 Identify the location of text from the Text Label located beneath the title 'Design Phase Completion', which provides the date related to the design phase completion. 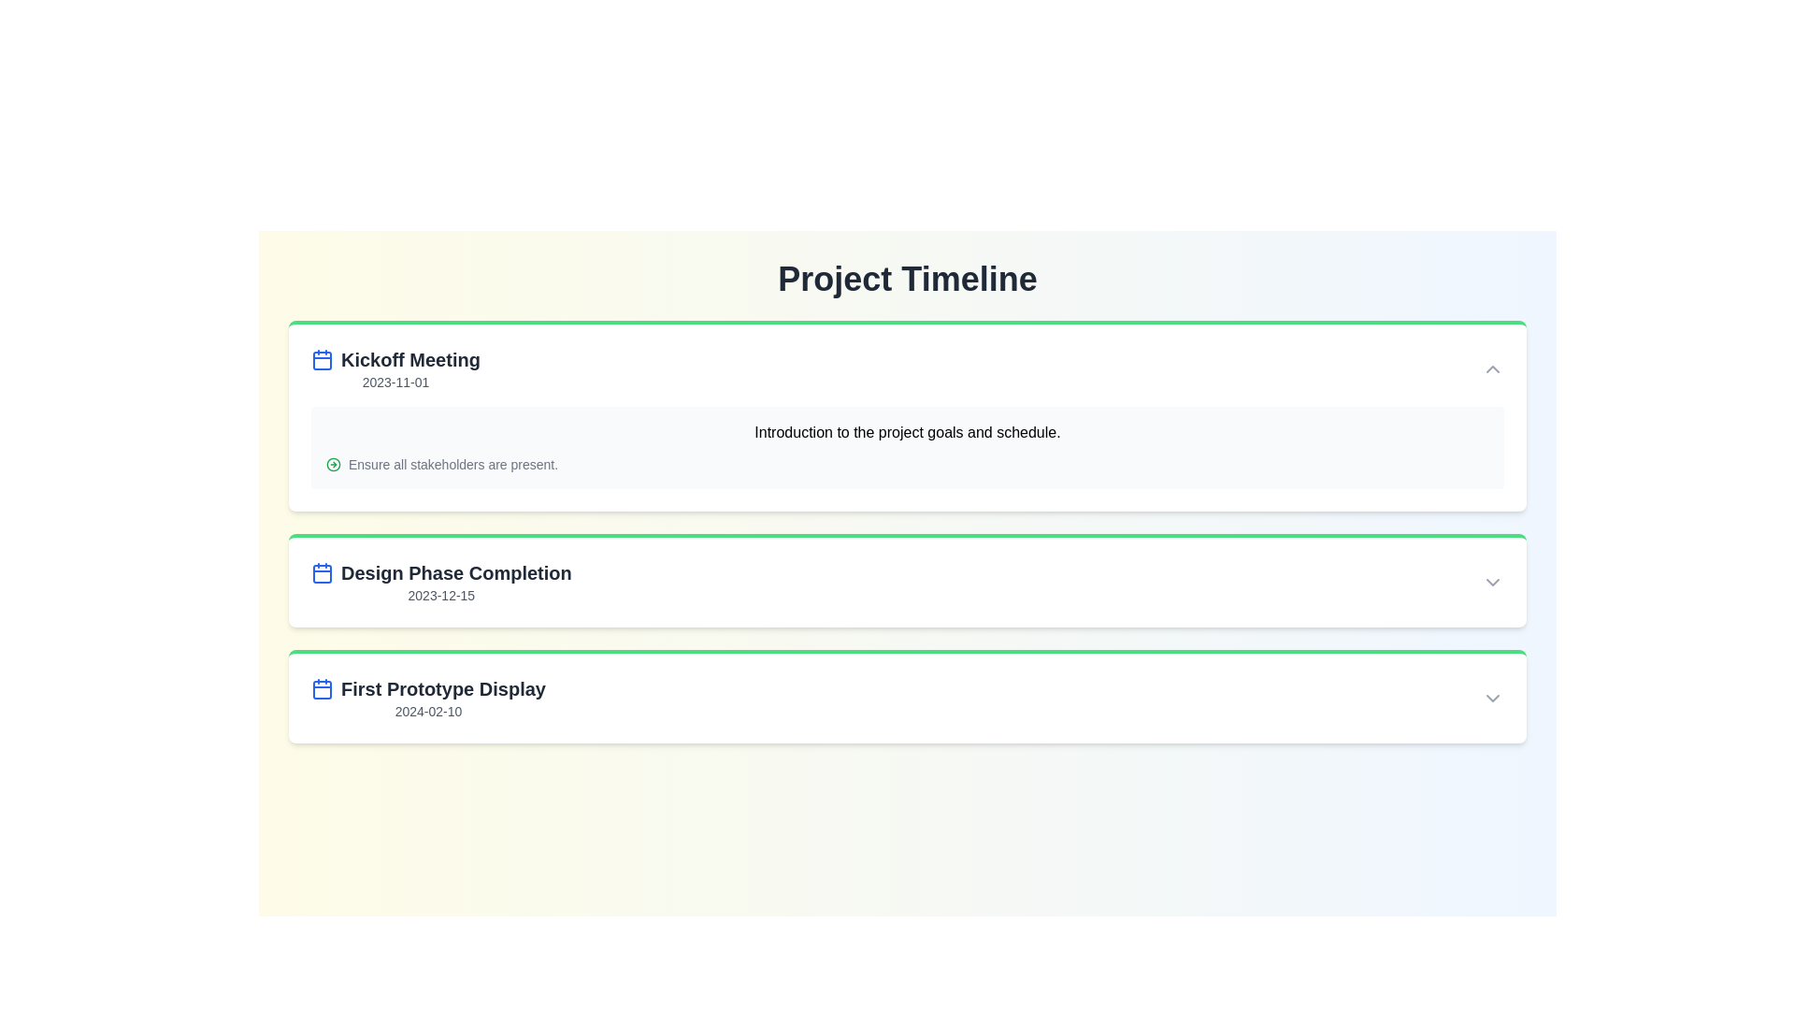
(440, 595).